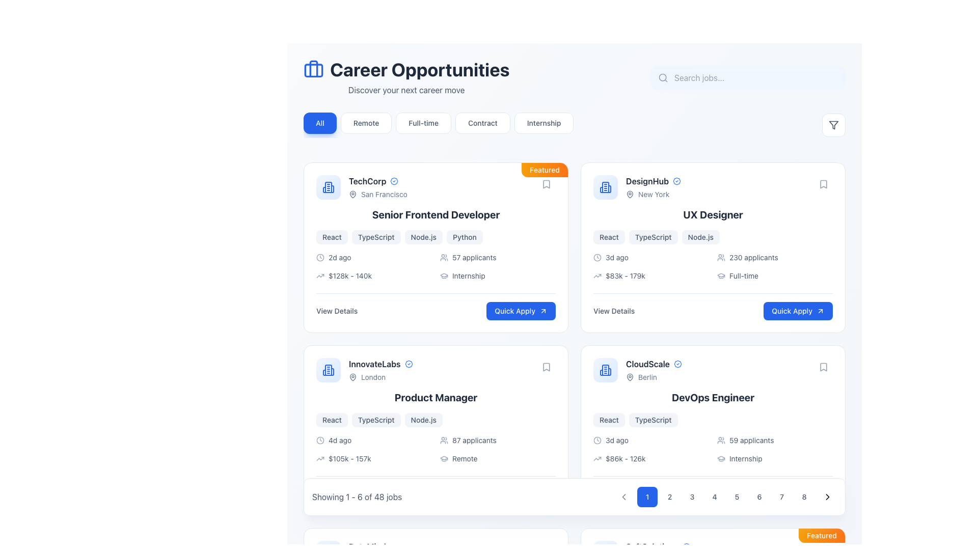 This screenshot has height=550, width=978. I want to click on the IconButton located in the top-right corner of the 'TechCorp' card in the 'Career Opportunities' grid layout, so click(546, 184).